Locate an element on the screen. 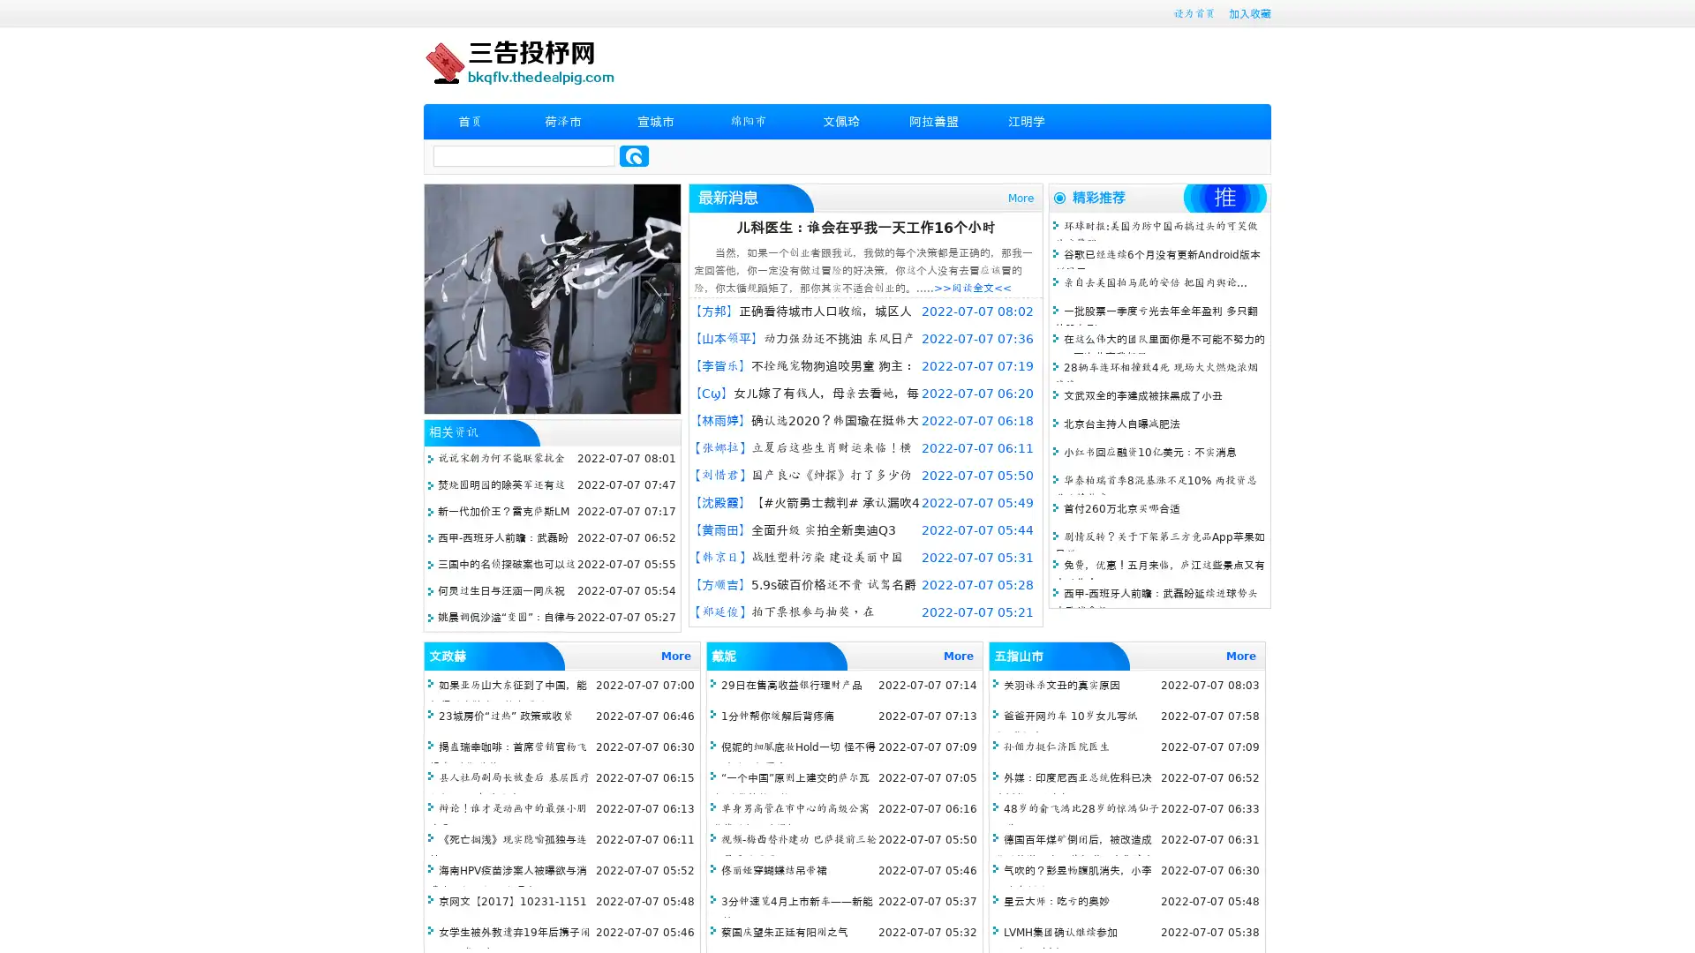 The height and width of the screenshot is (953, 1695). Search is located at coordinates (634, 155).